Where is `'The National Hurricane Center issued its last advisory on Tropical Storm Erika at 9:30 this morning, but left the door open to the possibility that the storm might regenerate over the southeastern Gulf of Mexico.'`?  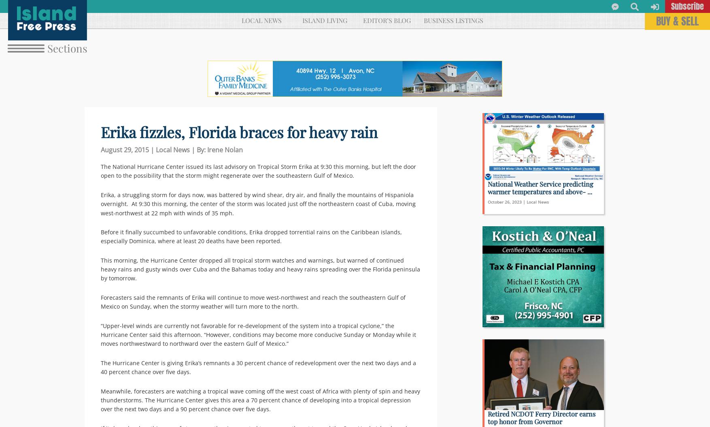
'The National Hurricane Center issued its last advisory on Tropical Storm Erika at 9:30 this morning, but left the door open to the possibility that the storm might regenerate over the southeastern Gulf of Mexico.' is located at coordinates (258, 170).